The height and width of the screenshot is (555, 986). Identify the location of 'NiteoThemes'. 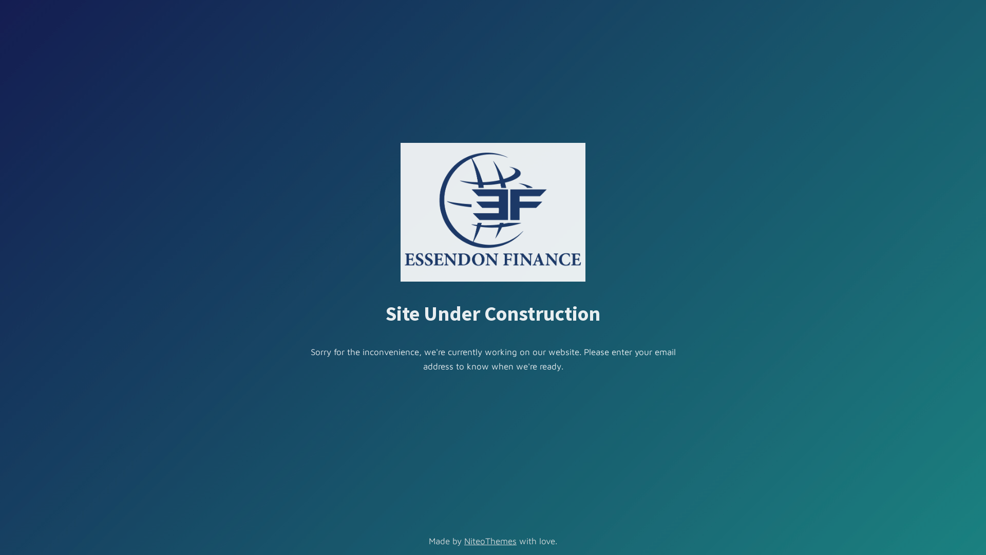
(463, 541).